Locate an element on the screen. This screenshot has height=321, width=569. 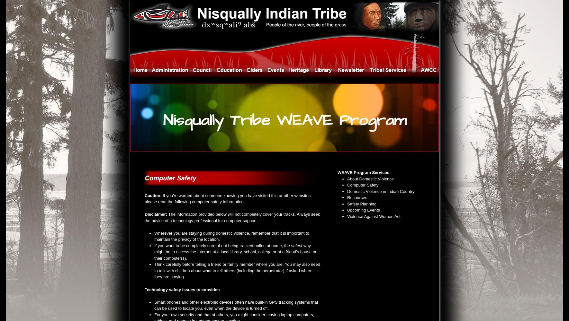
'Think carefully before telling a friend or family member where you are. You may also need to talk with children about what to tell others (including the perpetrator) if asked where they are staying.' is located at coordinates (237, 270).